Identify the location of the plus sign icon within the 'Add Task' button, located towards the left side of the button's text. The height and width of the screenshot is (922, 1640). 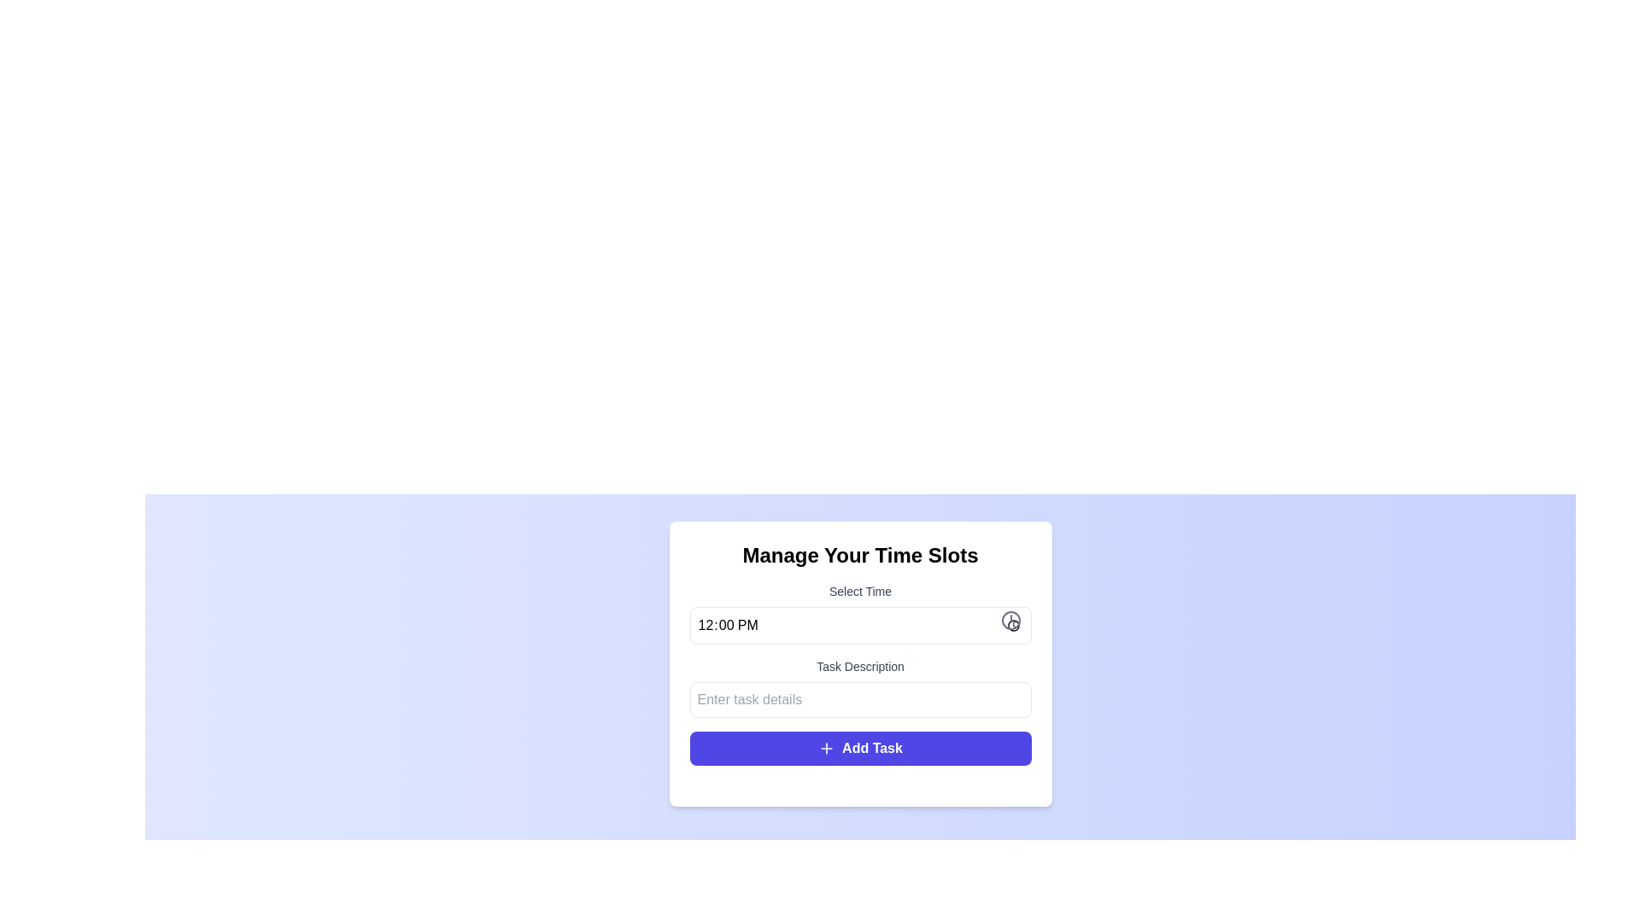
(827, 747).